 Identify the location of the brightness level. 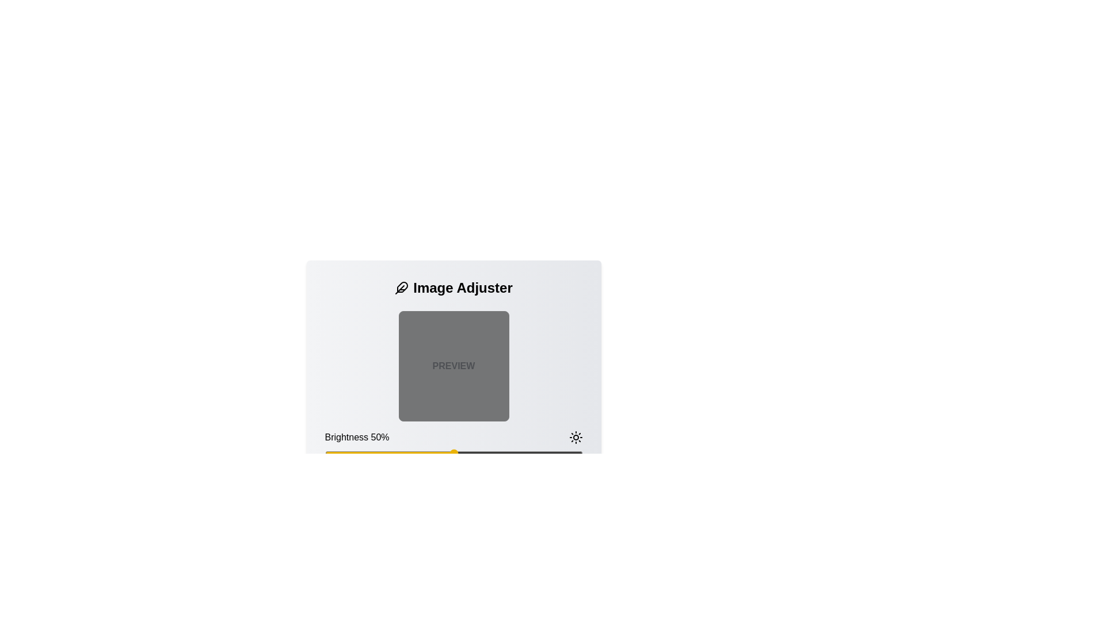
(574, 453).